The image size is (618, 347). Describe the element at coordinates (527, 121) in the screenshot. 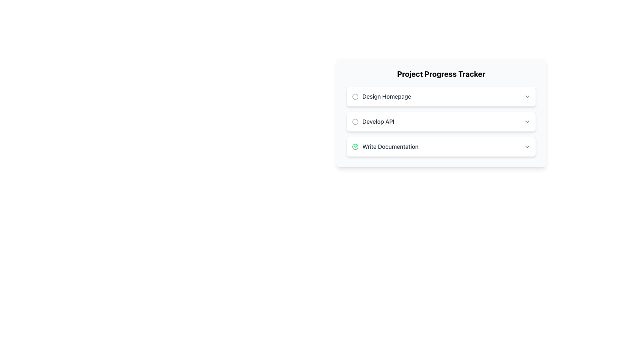

I see `the downward-pointing arrow icon of the Dropdown Toggle` at that location.